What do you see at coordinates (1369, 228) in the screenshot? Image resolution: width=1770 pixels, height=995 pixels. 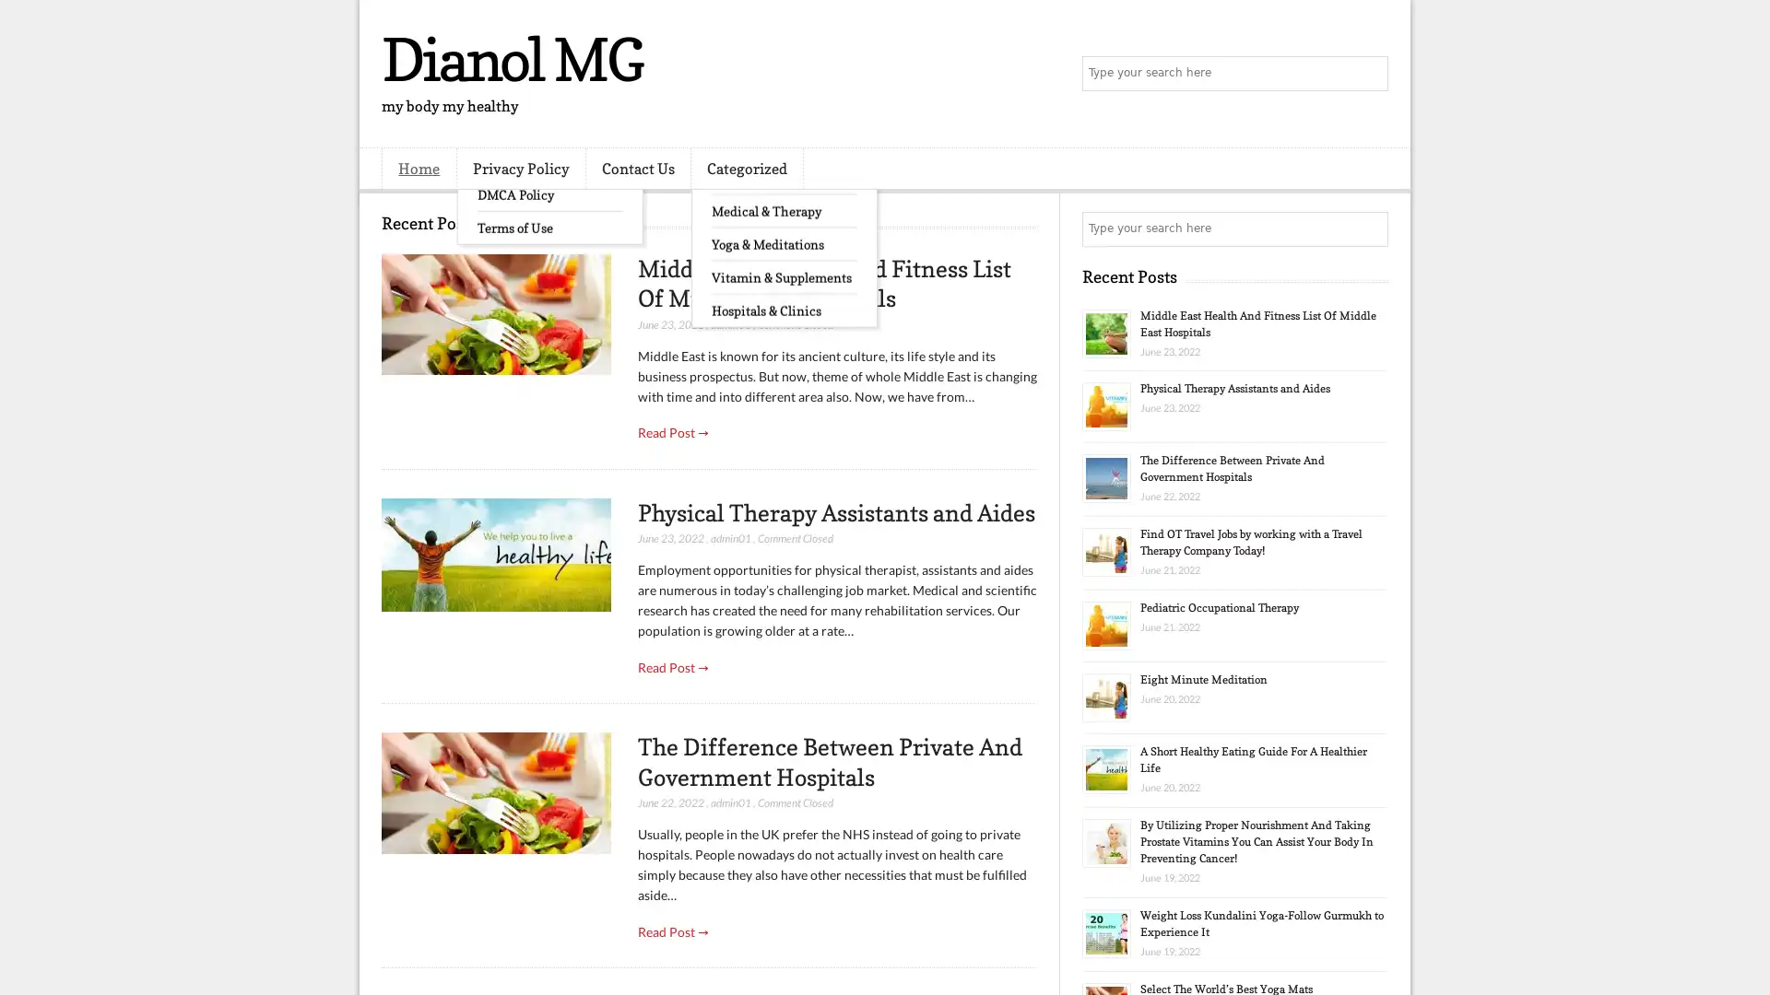 I see `Search` at bounding box center [1369, 228].